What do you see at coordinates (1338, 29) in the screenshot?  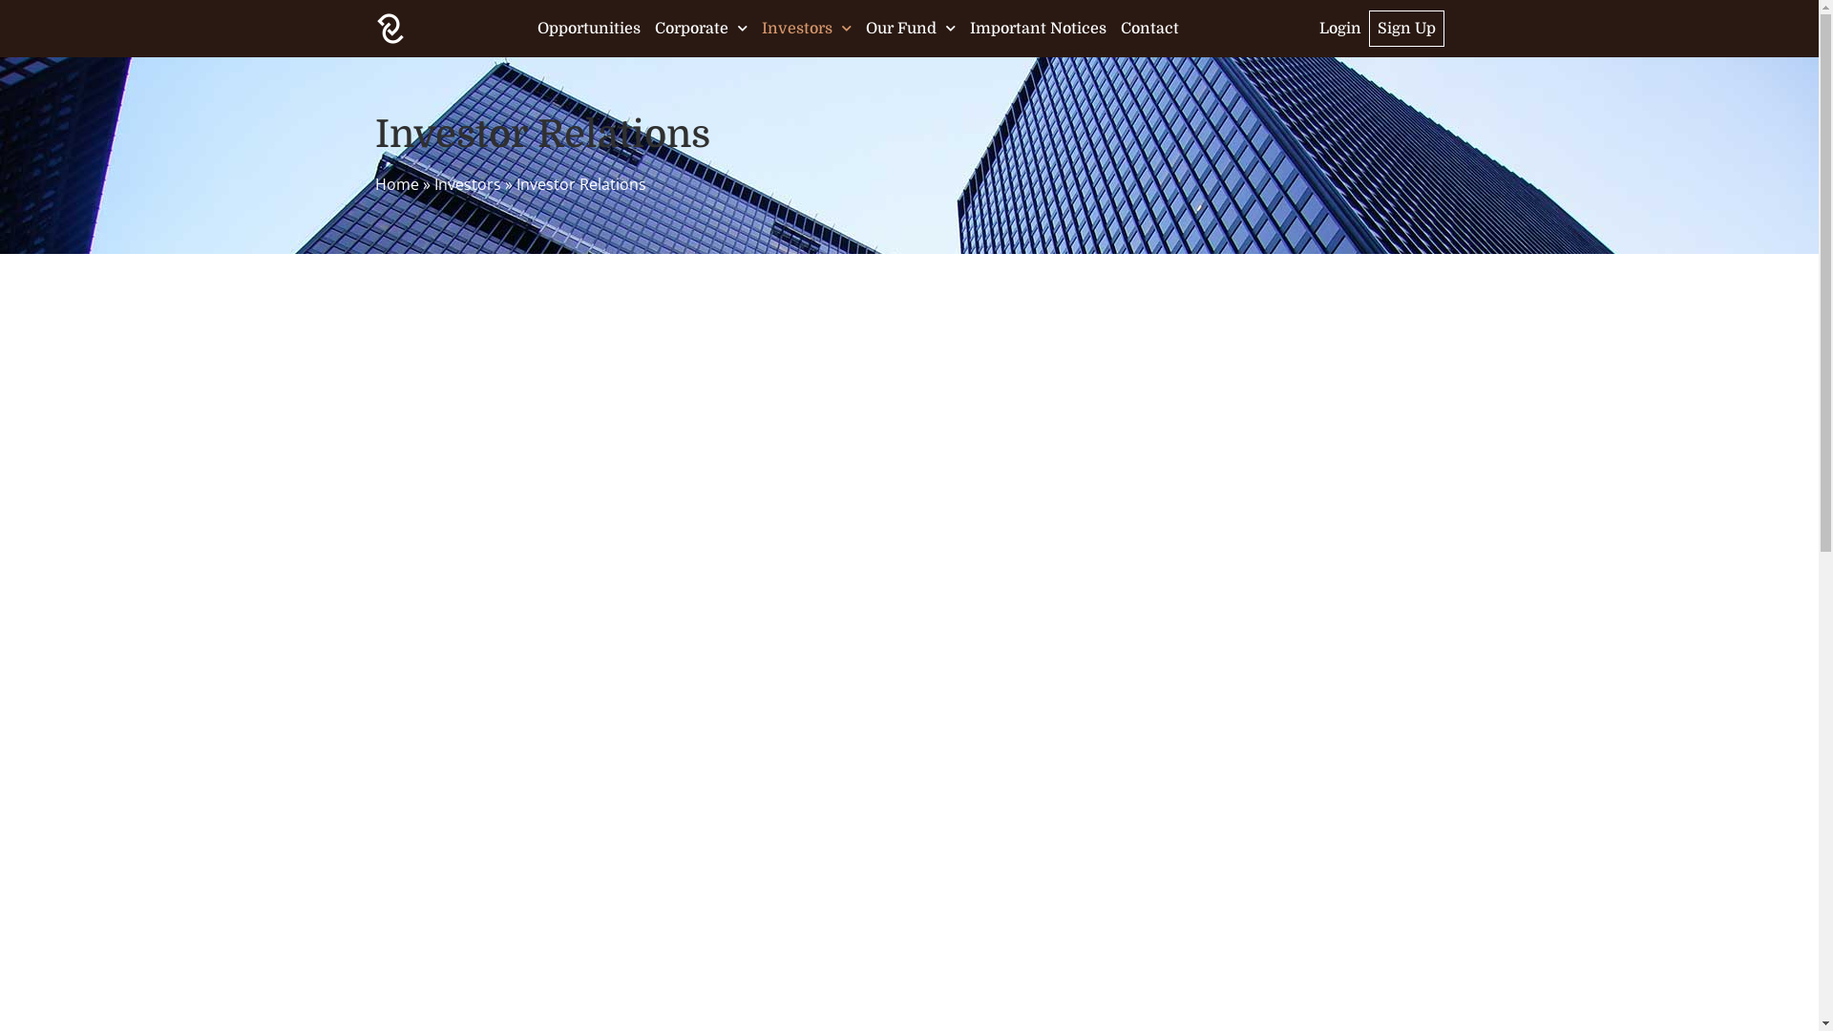 I see `'Login'` at bounding box center [1338, 29].